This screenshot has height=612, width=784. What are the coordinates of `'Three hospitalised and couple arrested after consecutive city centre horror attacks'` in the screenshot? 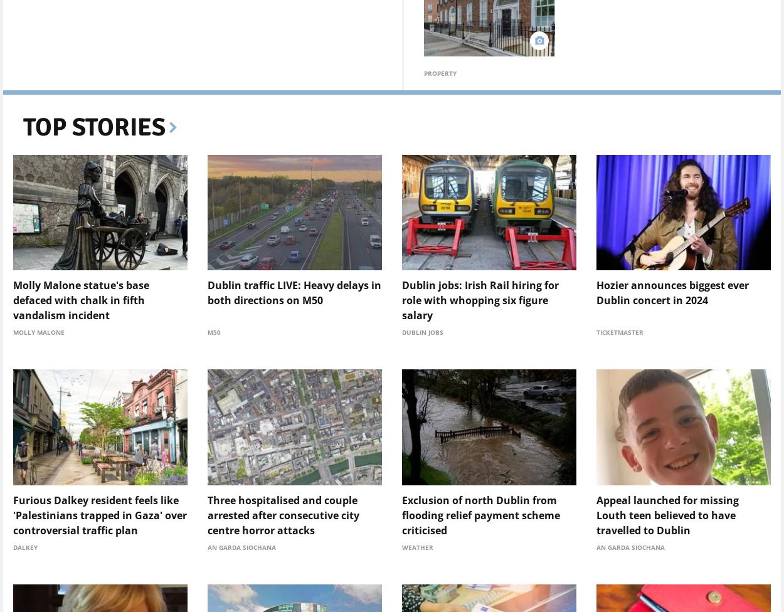 It's located at (282, 515).